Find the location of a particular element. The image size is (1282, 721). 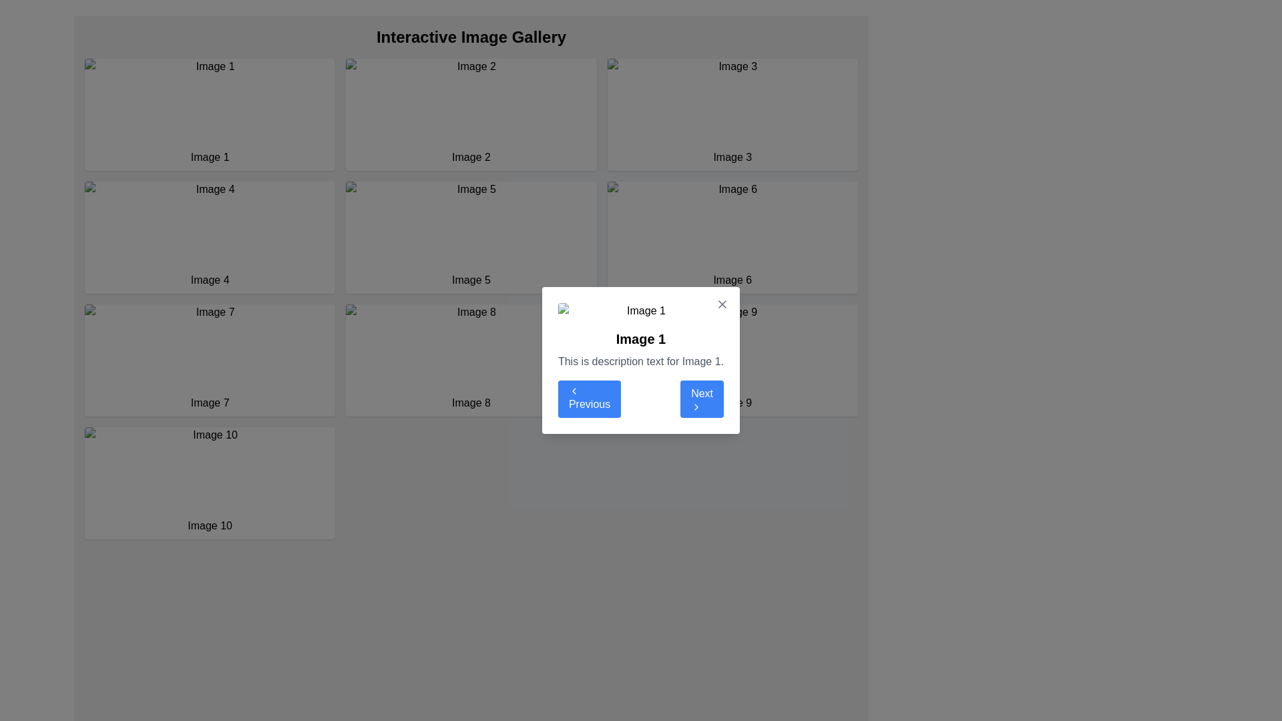

the Close button located in the upper-right corner of the overlay card is located at coordinates (722, 304).